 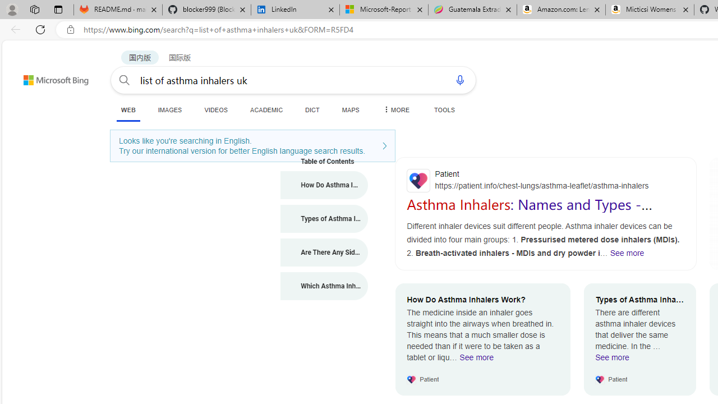 I want to click on 'WEB', so click(x=128, y=109).